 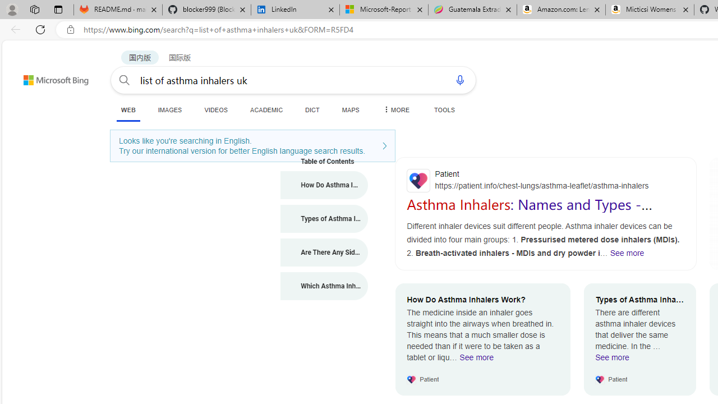 I want to click on 'WEB', so click(x=128, y=109).